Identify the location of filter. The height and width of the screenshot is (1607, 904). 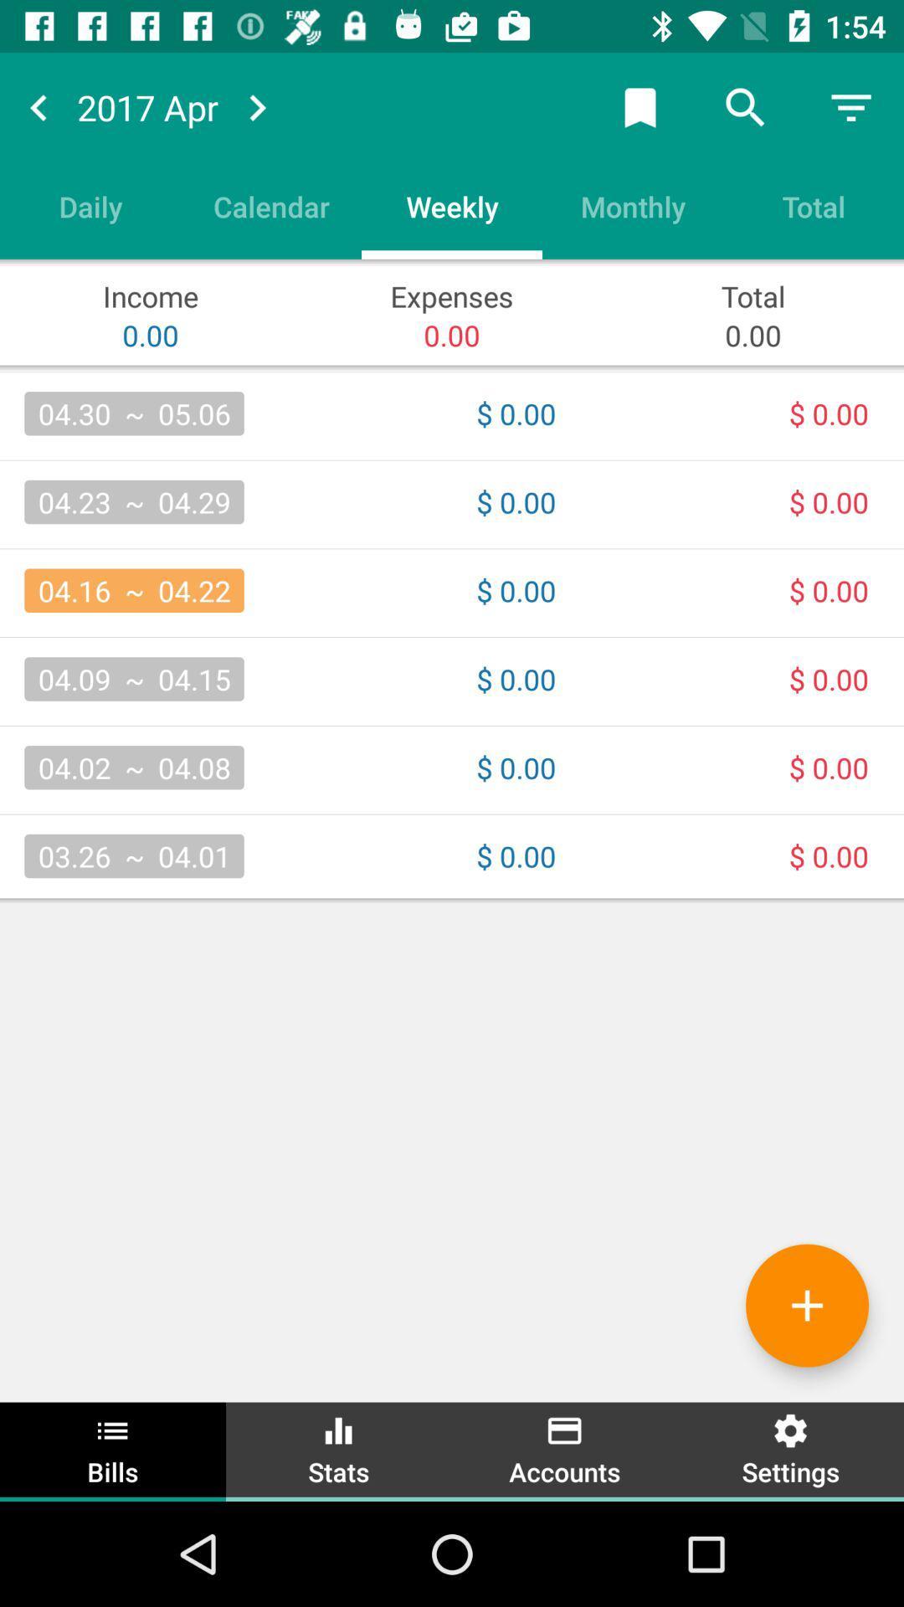
(851, 106).